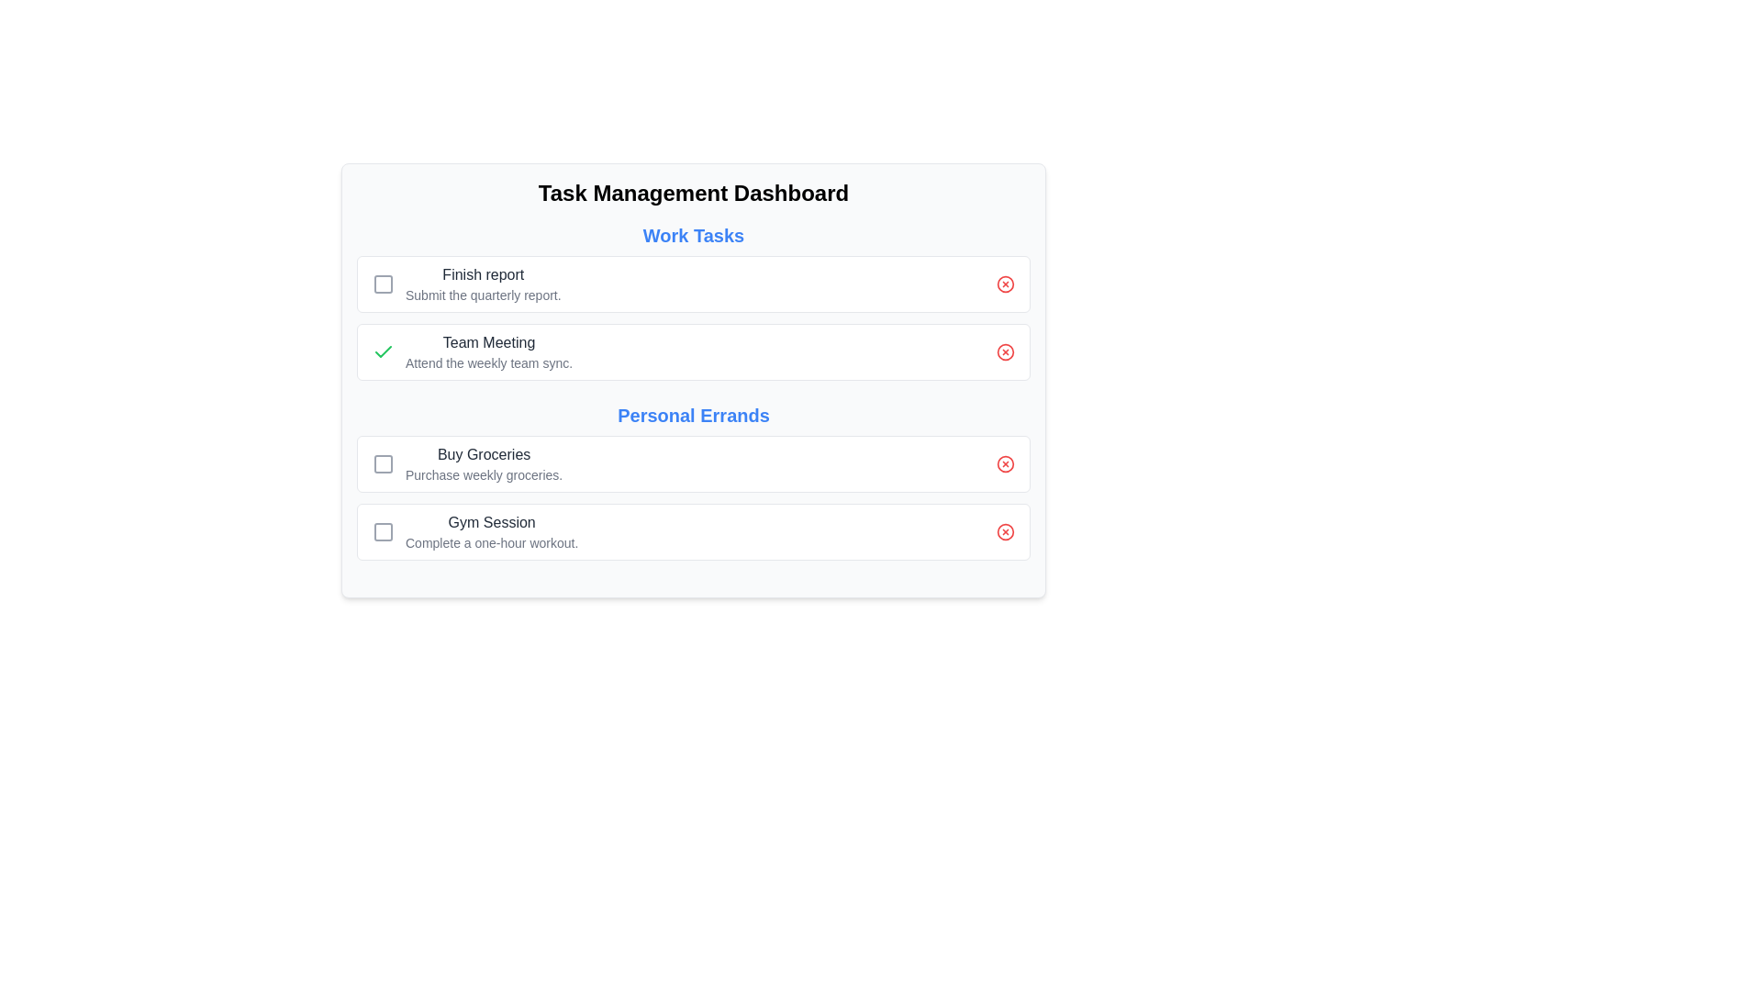 Image resolution: width=1762 pixels, height=991 pixels. Describe the element at coordinates (1004, 352) in the screenshot. I see `the delete button for the task 'Team Meeting' located at the far-right end of the row under the 'Work Tasks' section` at that location.